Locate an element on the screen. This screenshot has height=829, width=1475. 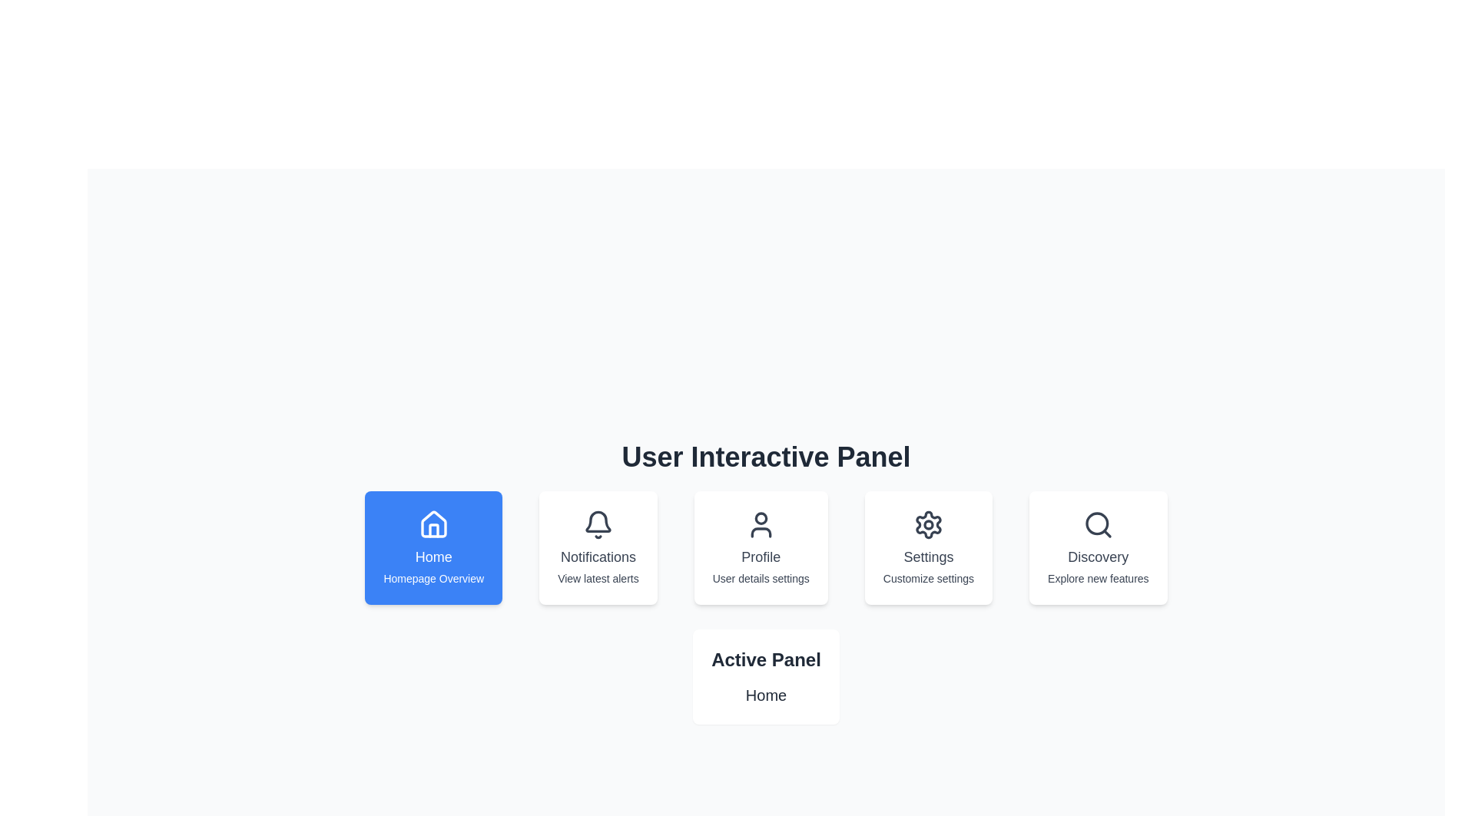
the notifications icon located is located at coordinates (597, 520).